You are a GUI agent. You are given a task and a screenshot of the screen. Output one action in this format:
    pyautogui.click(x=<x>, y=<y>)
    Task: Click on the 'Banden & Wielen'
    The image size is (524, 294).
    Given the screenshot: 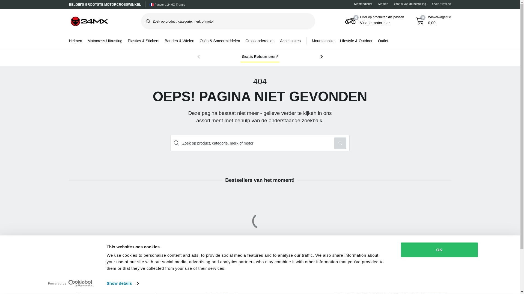 What is the action you would take?
    pyautogui.click(x=179, y=41)
    